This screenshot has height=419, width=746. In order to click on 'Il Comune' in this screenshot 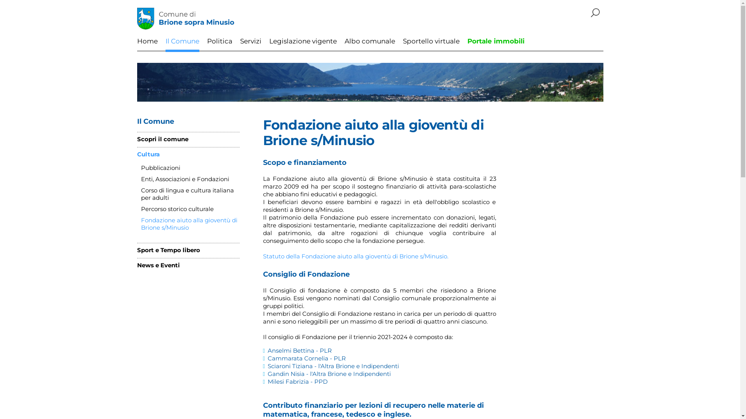, I will do `click(182, 45)`.